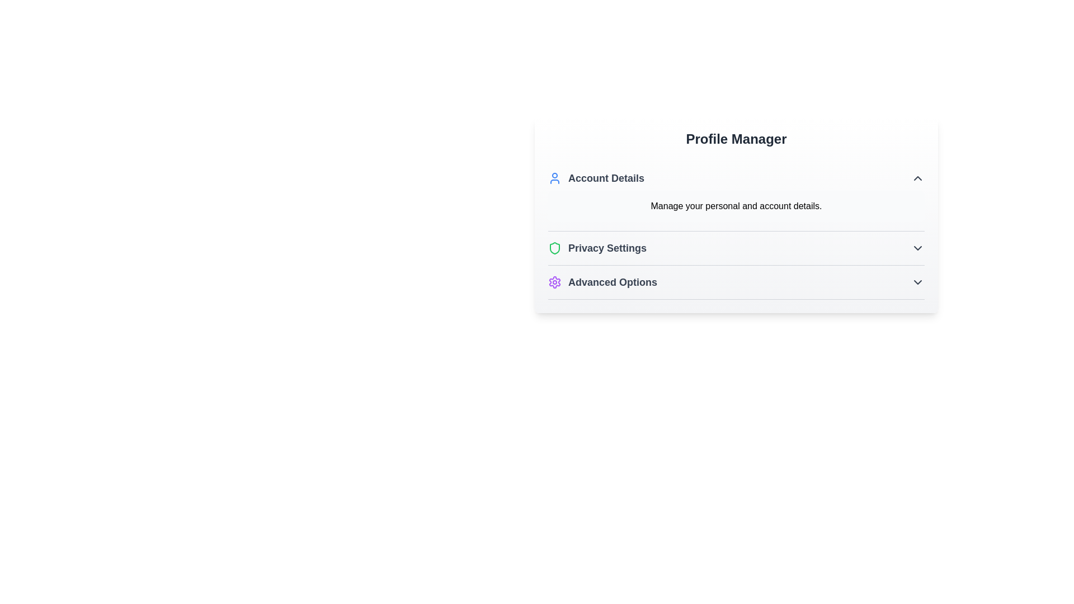 Image resolution: width=1074 pixels, height=604 pixels. Describe the element at coordinates (555, 247) in the screenshot. I see `the green shield icon located to the left of the 'Privacy Settings' text` at that location.